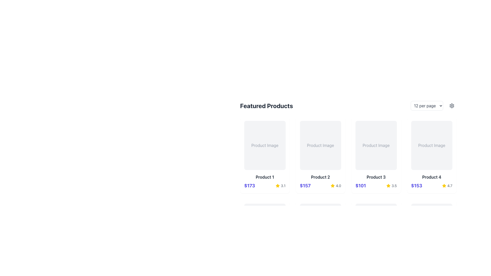 This screenshot has height=276, width=491. Describe the element at coordinates (376, 177) in the screenshot. I see `the text label displaying 'Product 3' in bold styling, located in the third product card of the featured products list, below the product image and above the pricing information` at that location.